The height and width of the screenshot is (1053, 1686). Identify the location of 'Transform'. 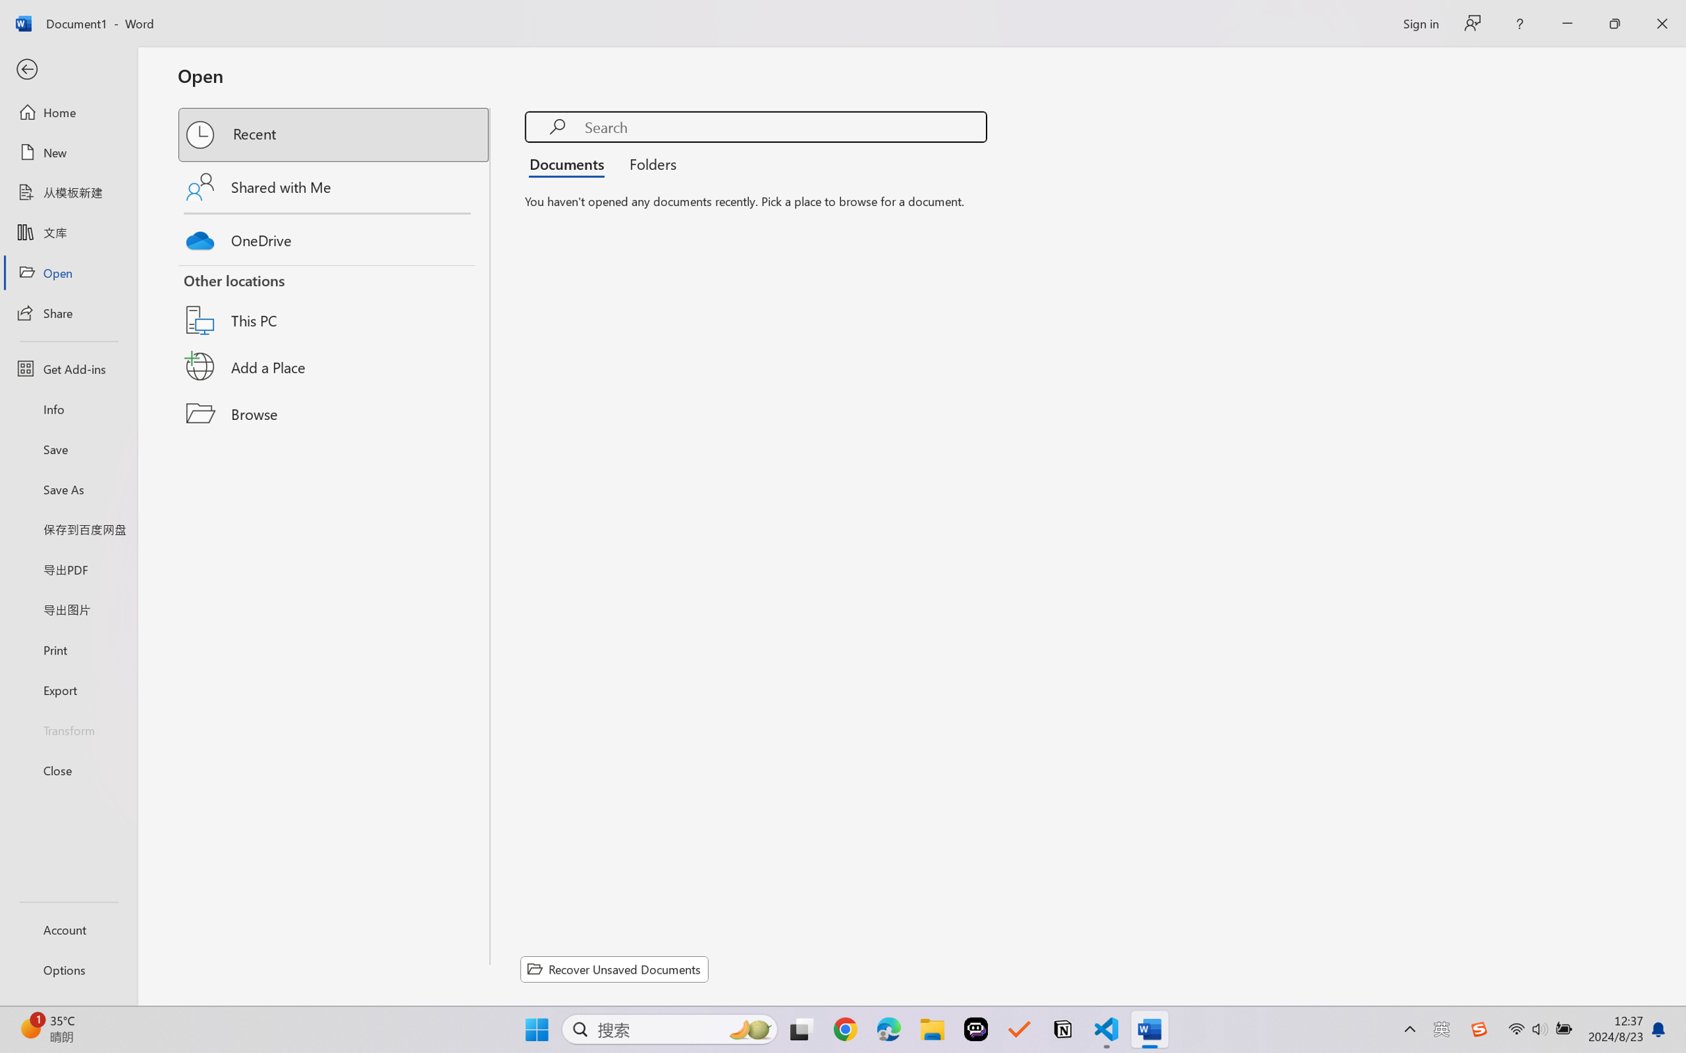
(68, 728).